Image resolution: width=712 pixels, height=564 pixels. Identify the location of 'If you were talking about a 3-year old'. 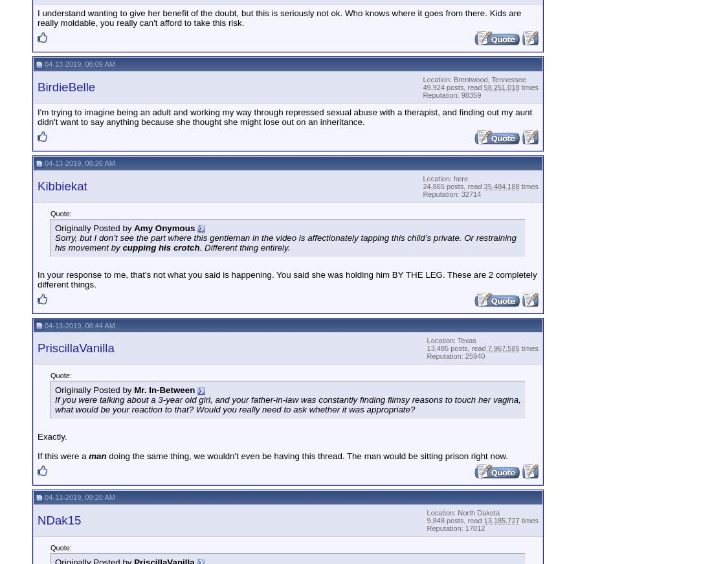
(126, 399).